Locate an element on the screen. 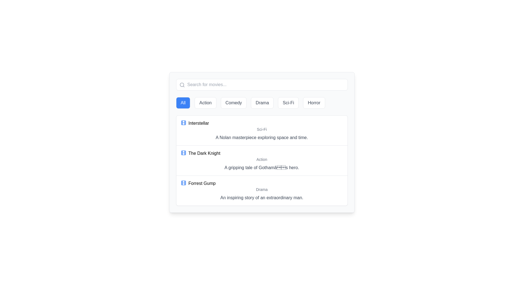 This screenshot has height=298, width=530. the 'All' filter button, which is the first button in a horizontal list of filter buttons located below the search bar is located at coordinates (183, 103).